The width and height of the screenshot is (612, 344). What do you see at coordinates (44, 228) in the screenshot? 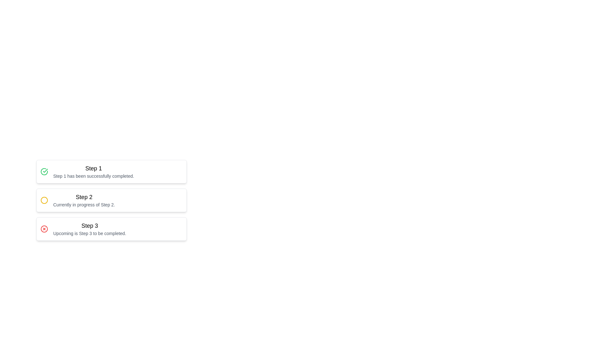
I see `the status of the visual status indicator for 'Step 3', which is located on the left of the row and provides feedback about the completion state of this step` at bounding box center [44, 228].